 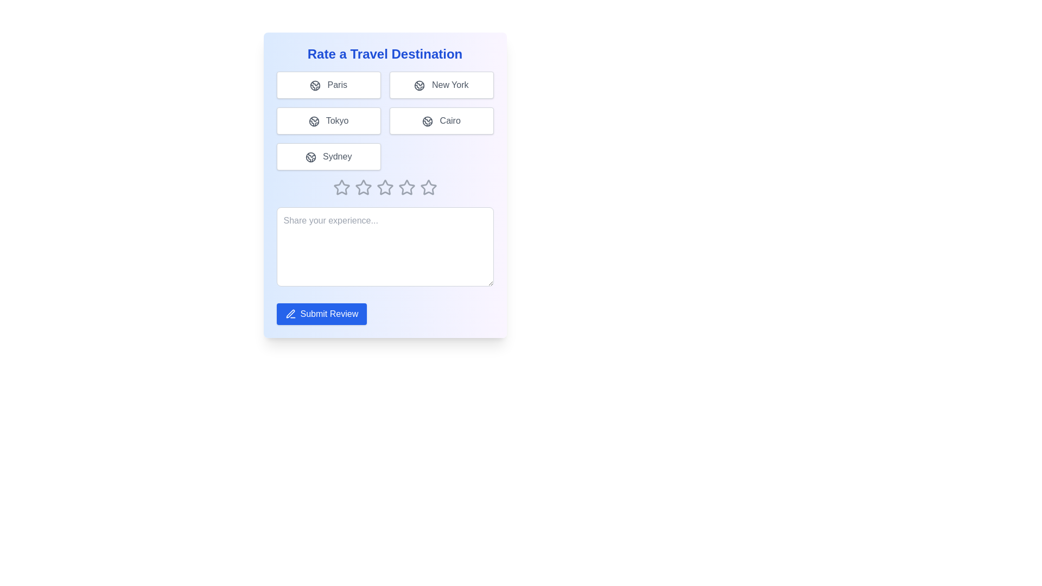 I want to click on the second star icon, so click(x=363, y=187).